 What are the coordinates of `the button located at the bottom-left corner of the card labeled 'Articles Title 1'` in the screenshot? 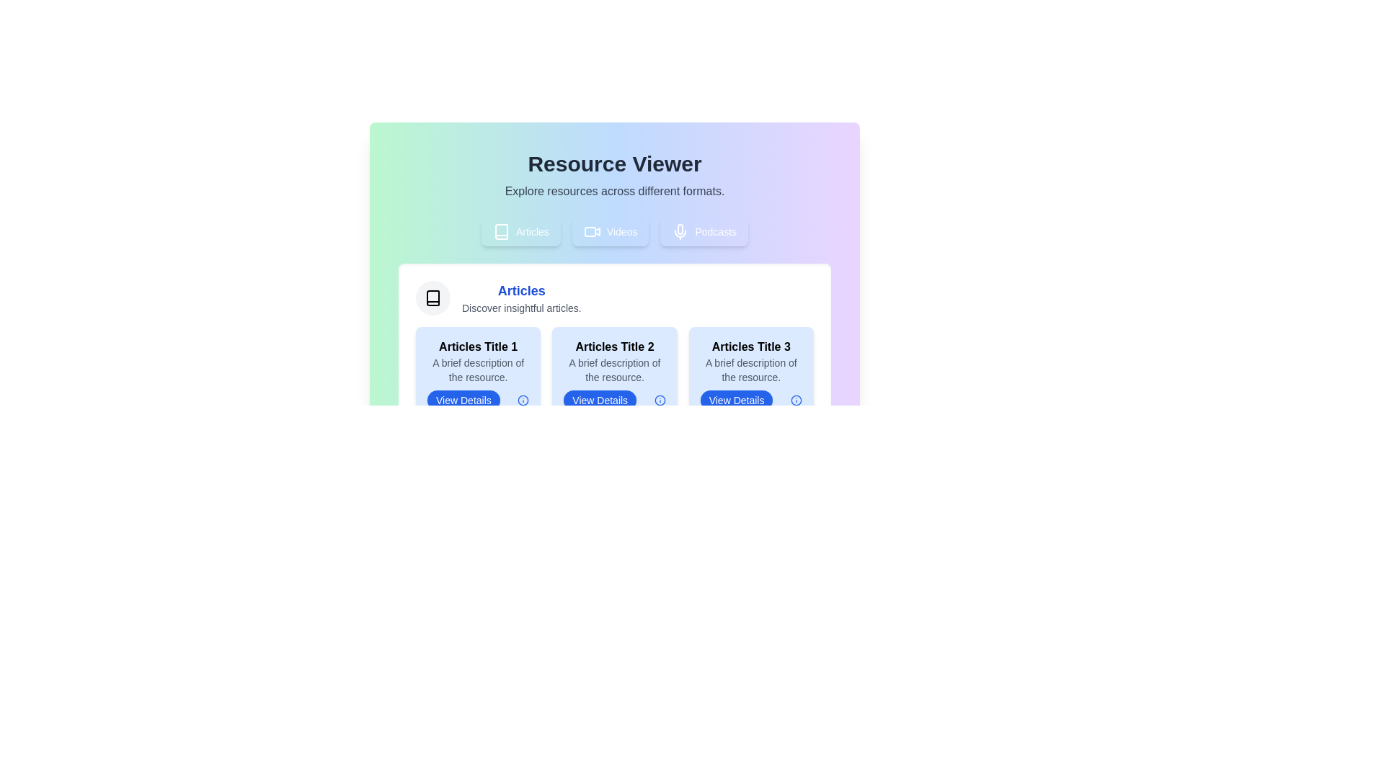 It's located at (463, 400).